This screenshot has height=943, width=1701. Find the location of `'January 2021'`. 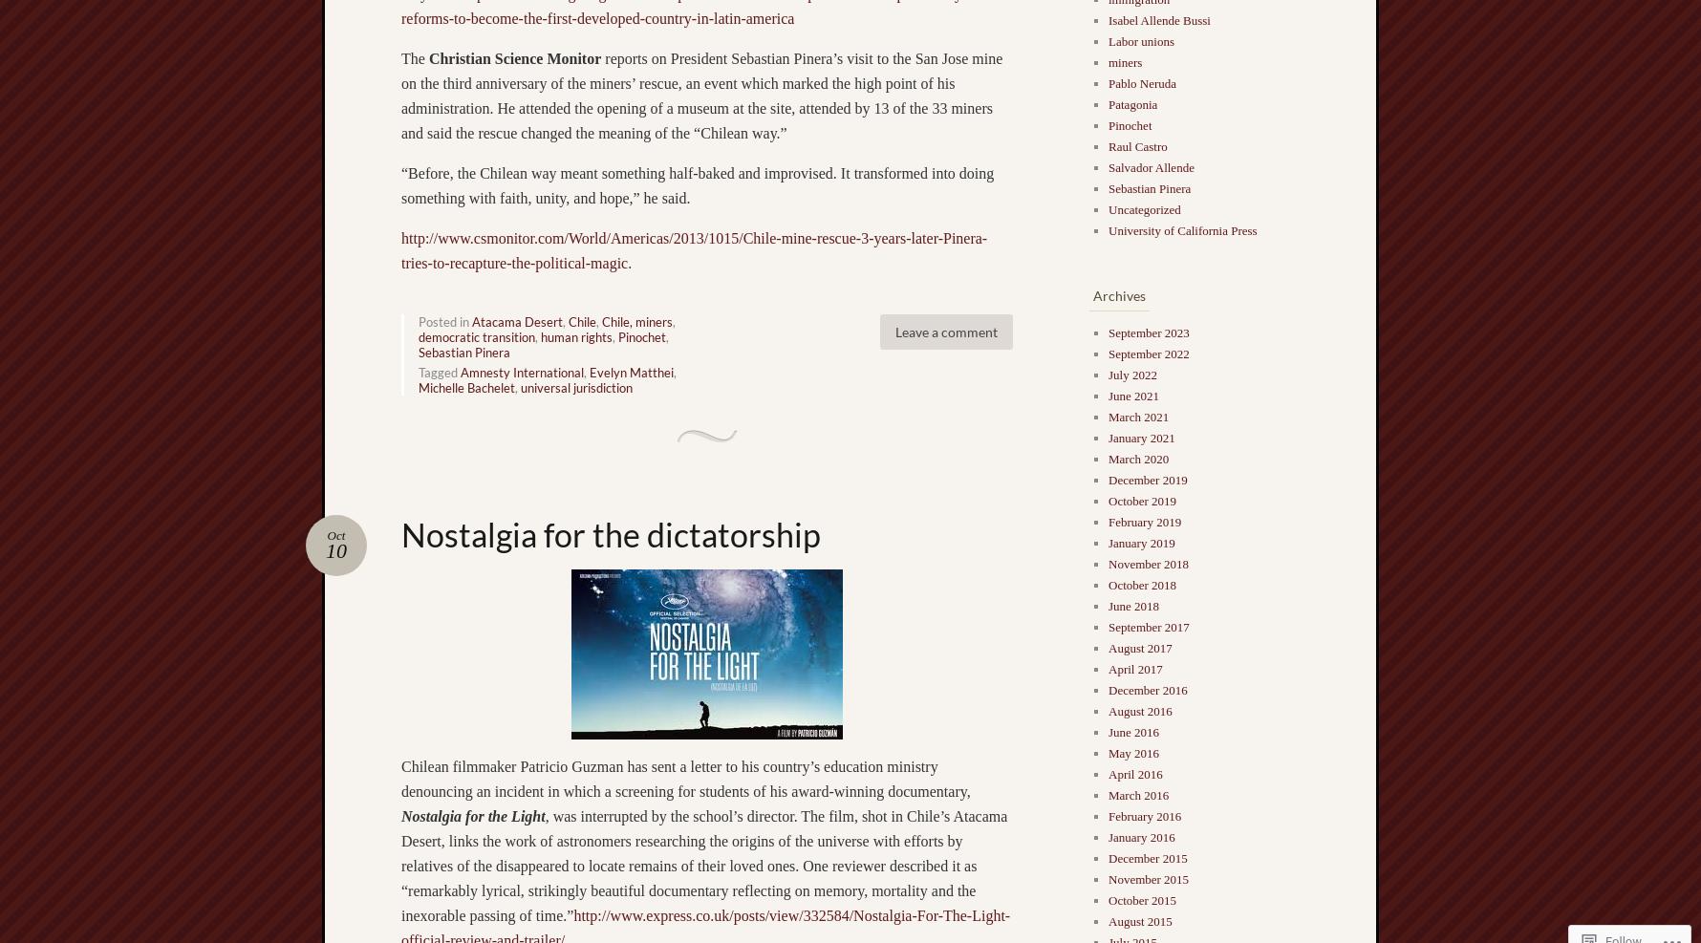

'January 2021' is located at coordinates (1141, 436).